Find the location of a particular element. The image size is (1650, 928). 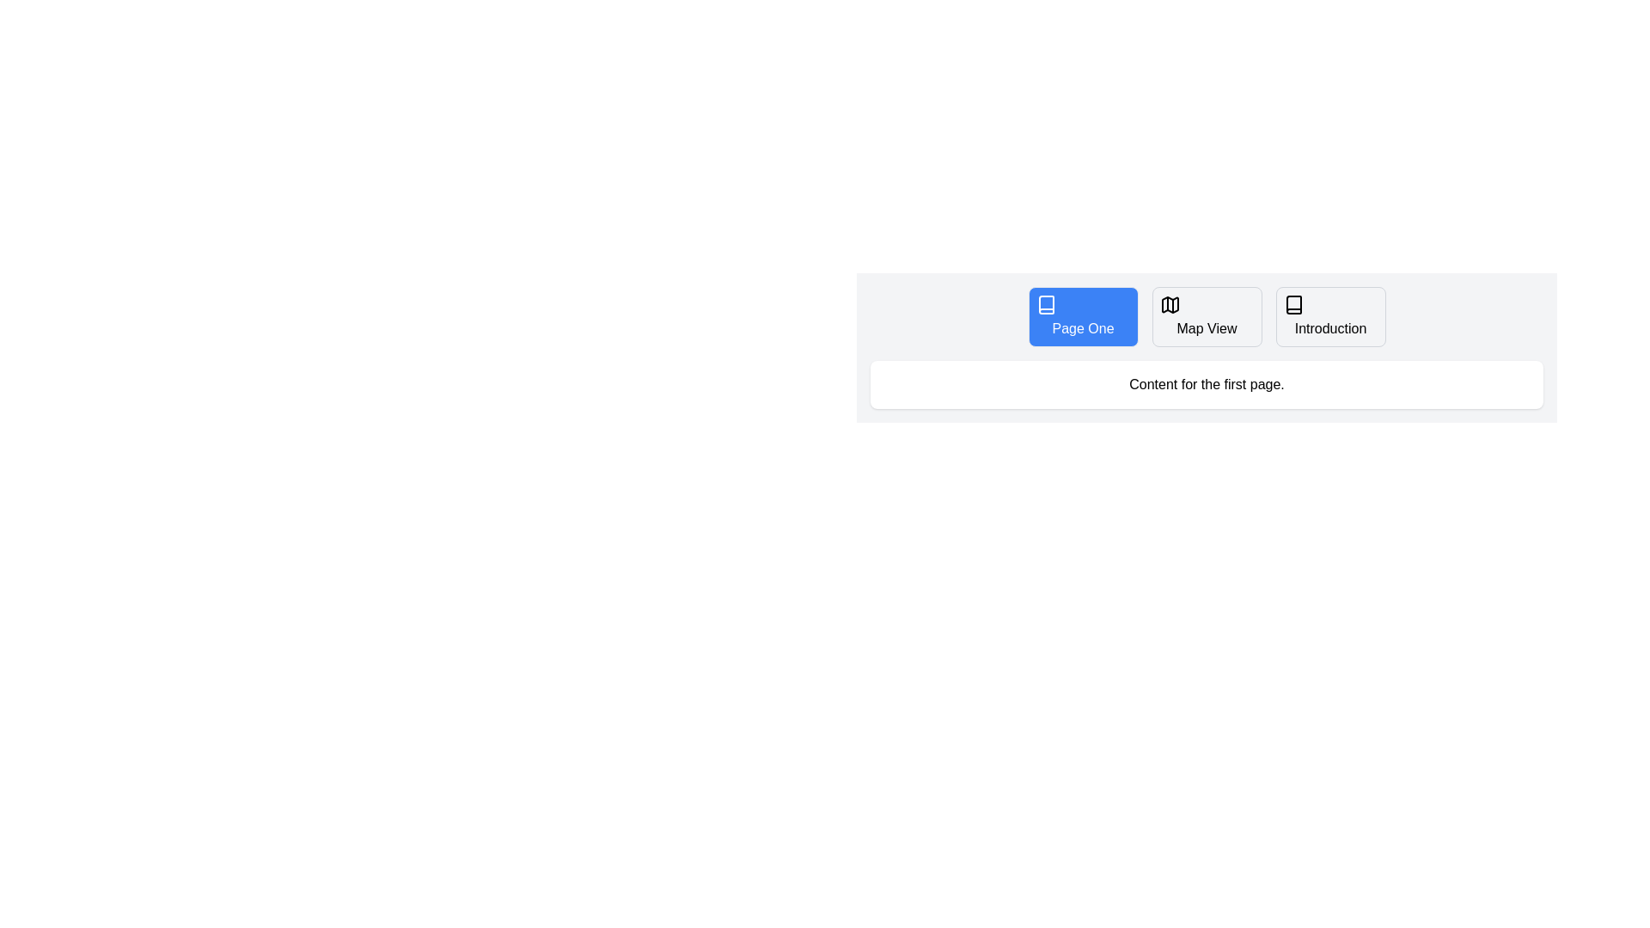

the decorative SVG icon located at the top-left corner of the 'Introduction' button, which is part of a horizontal row of buttons at the top-center of the interface is located at coordinates (1293, 303).